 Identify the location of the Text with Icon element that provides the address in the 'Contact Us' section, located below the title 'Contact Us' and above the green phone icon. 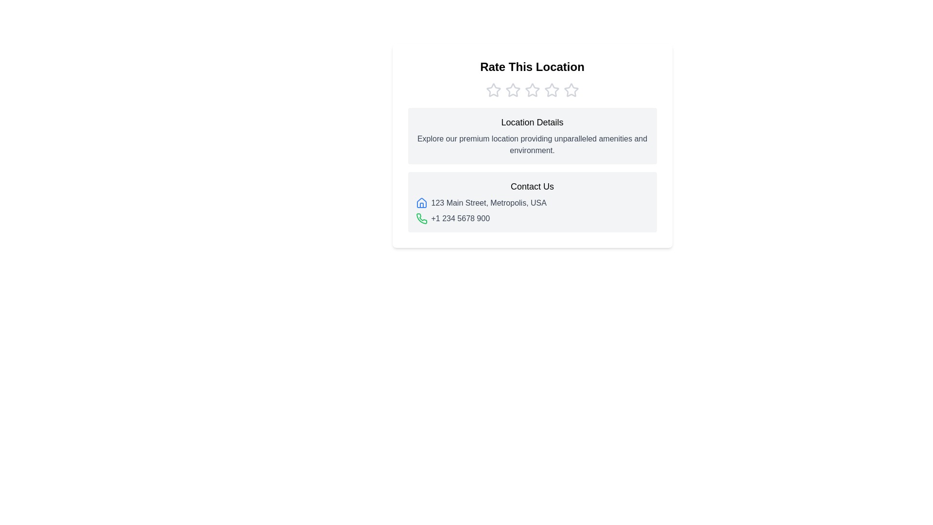
(532, 202).